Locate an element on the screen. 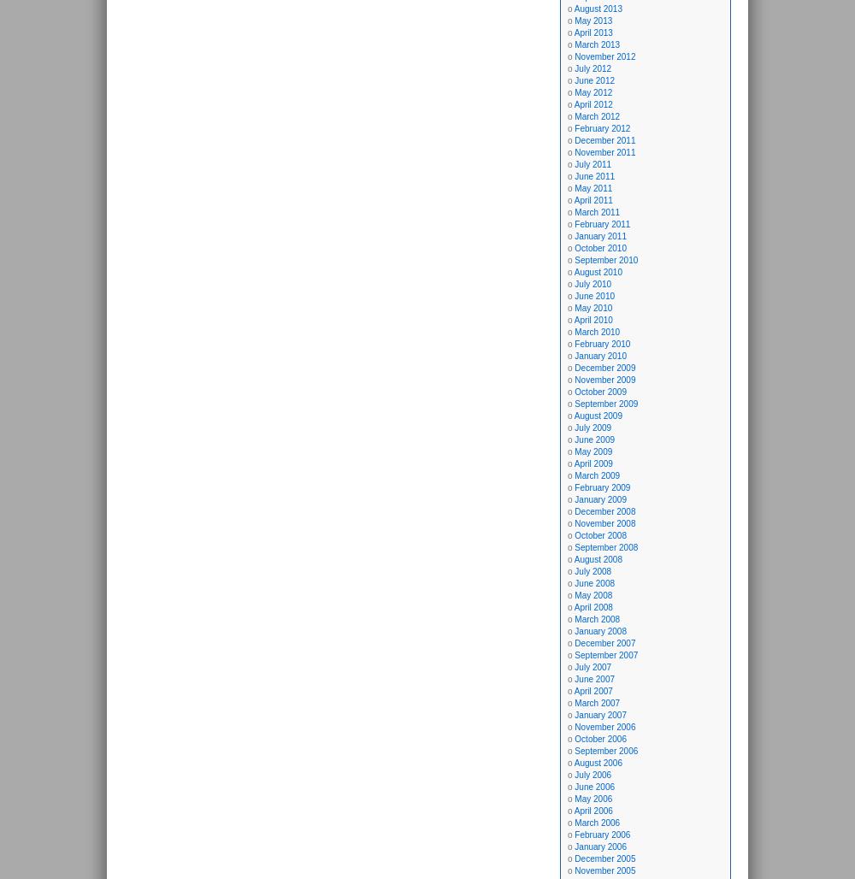 This screenshot has height=879, width=855. 'February 2012' is located at coordinates (601, 128).